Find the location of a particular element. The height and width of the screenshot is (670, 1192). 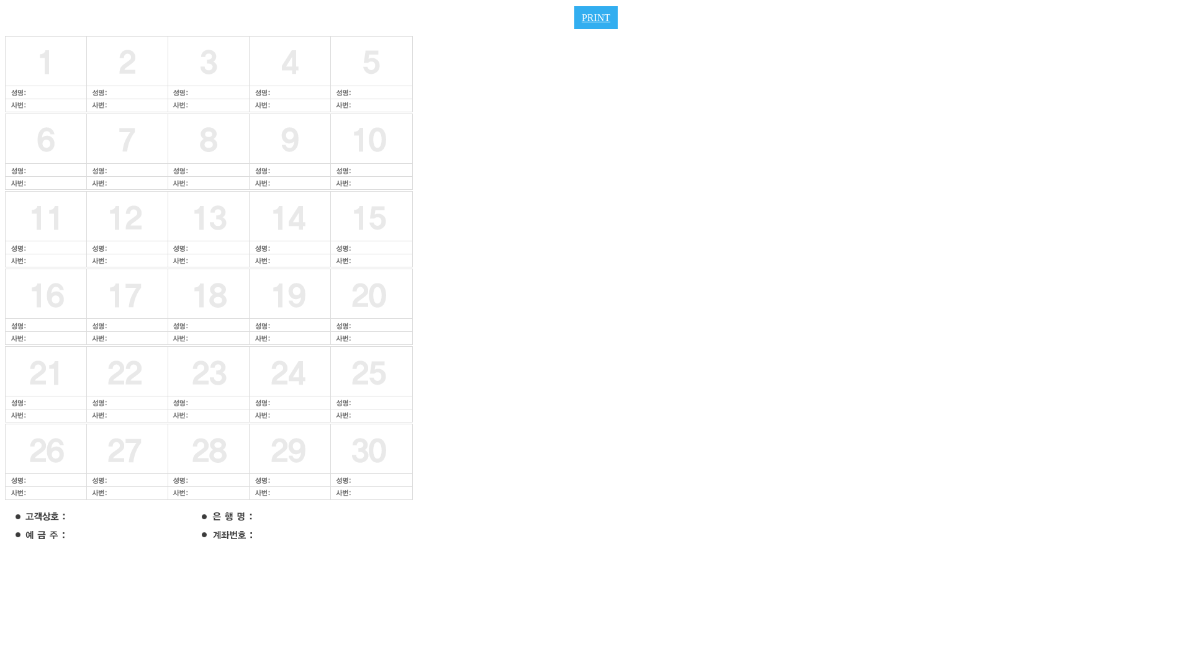

'PRINT' is located at coordinates (596, 17).